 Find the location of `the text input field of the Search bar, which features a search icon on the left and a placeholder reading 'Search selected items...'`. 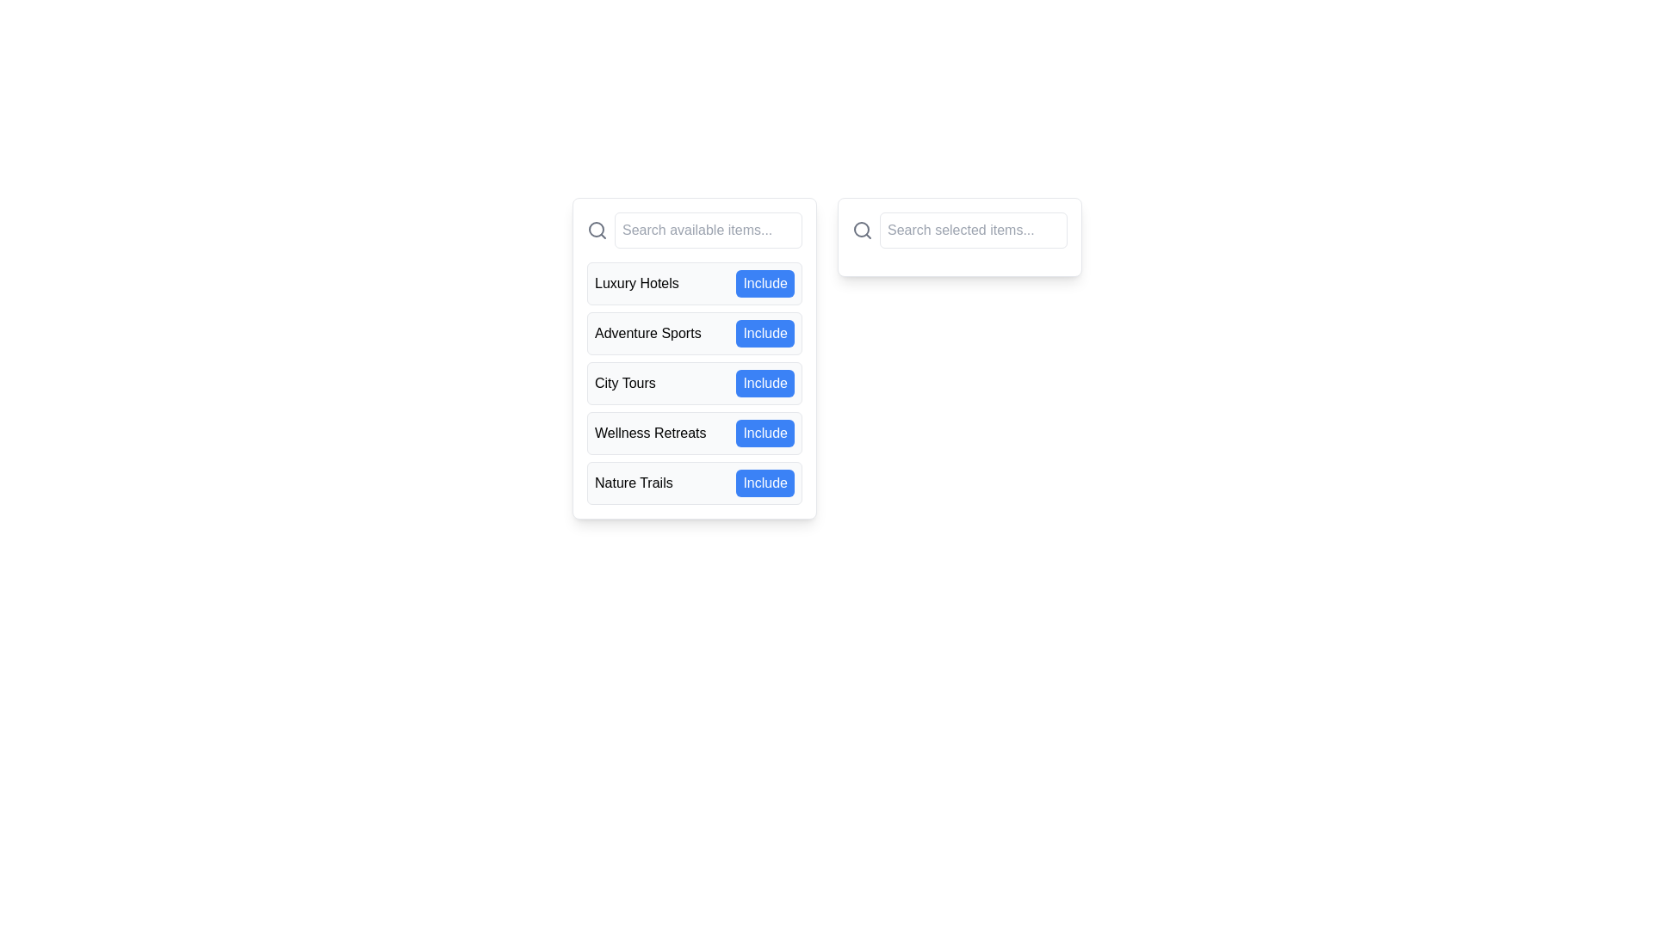

the text input field of the Search bar, which features a search icon on the left and a placeholder reading 'Search selected items...' is located at coordinates (958, 229).